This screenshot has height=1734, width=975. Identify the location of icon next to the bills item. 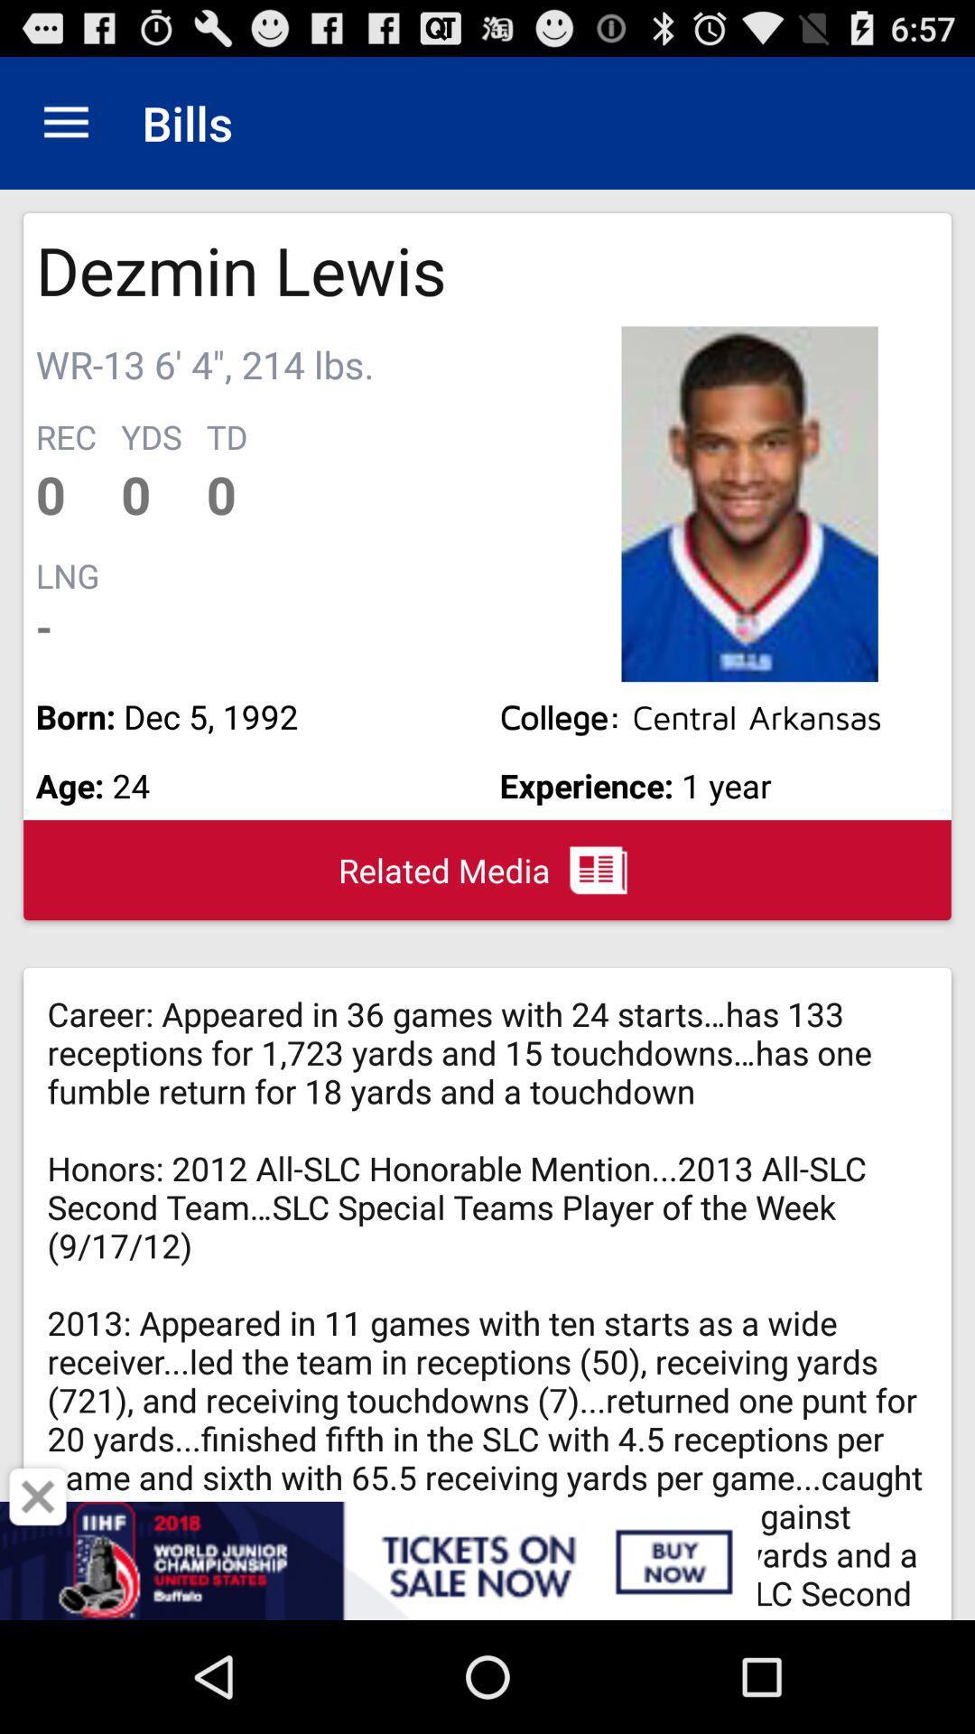
(65, 122).